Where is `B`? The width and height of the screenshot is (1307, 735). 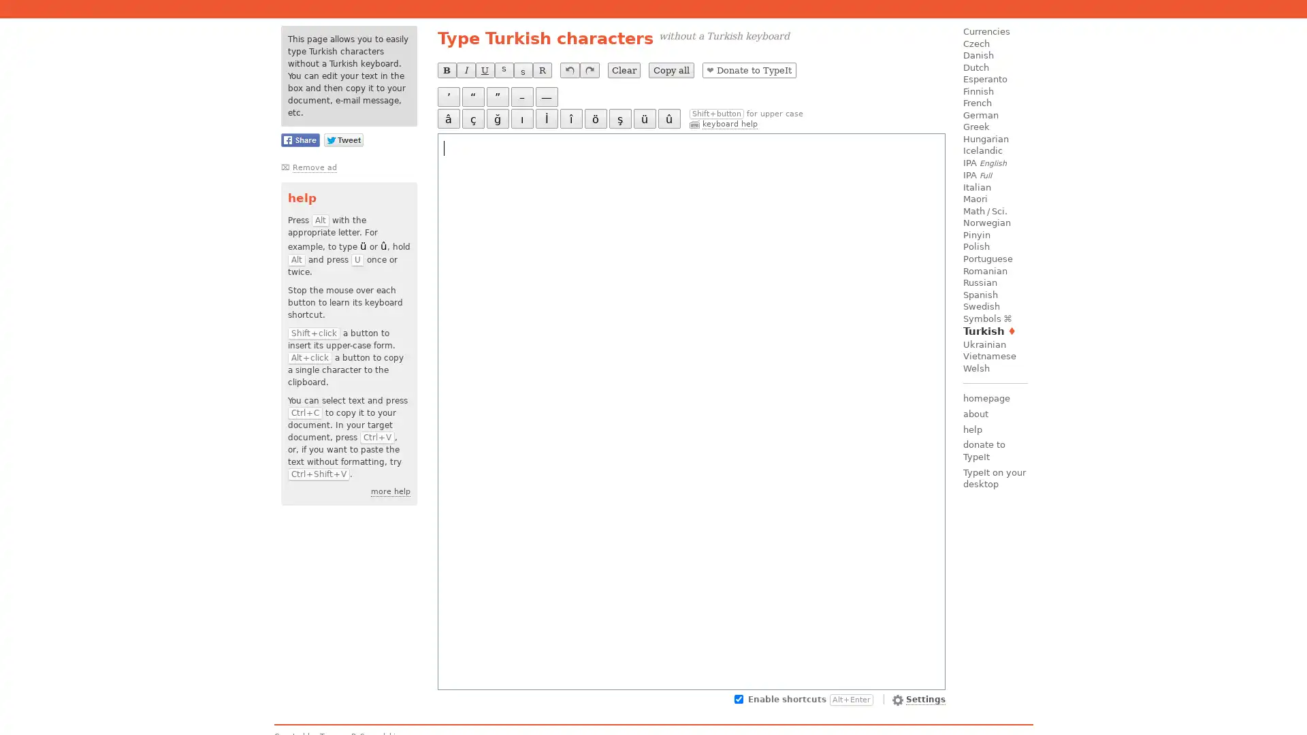 B is located at coordinates (447, 70).